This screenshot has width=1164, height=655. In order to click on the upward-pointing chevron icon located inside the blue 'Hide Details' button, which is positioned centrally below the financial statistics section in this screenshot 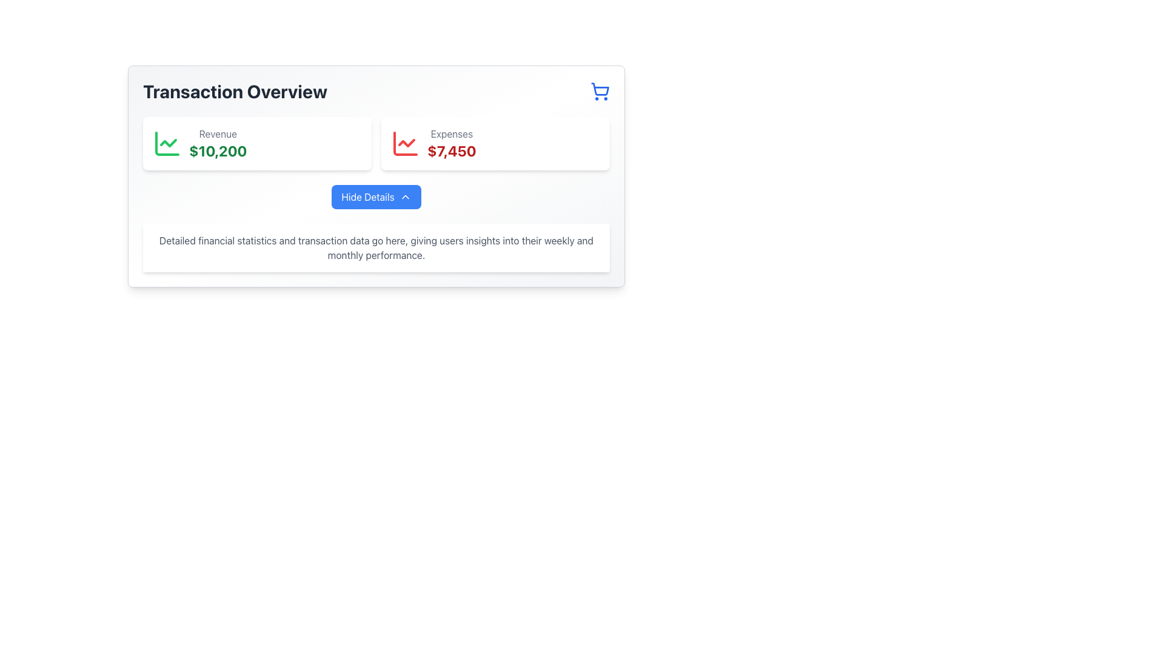, I will do `click(405, 196)`.